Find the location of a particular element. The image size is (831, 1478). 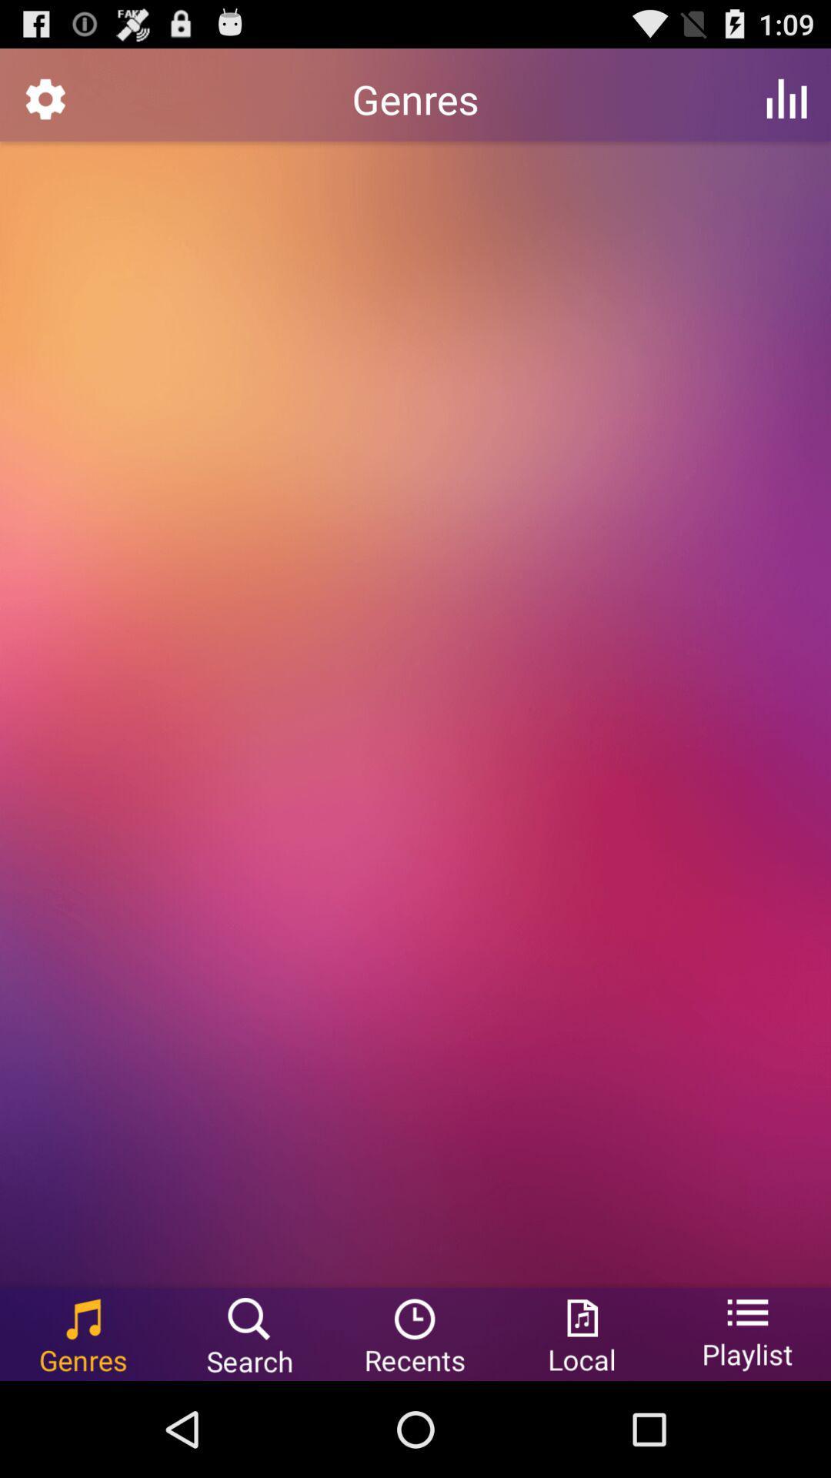

icon to the right of the genres app is located at coordinates (786, 98).